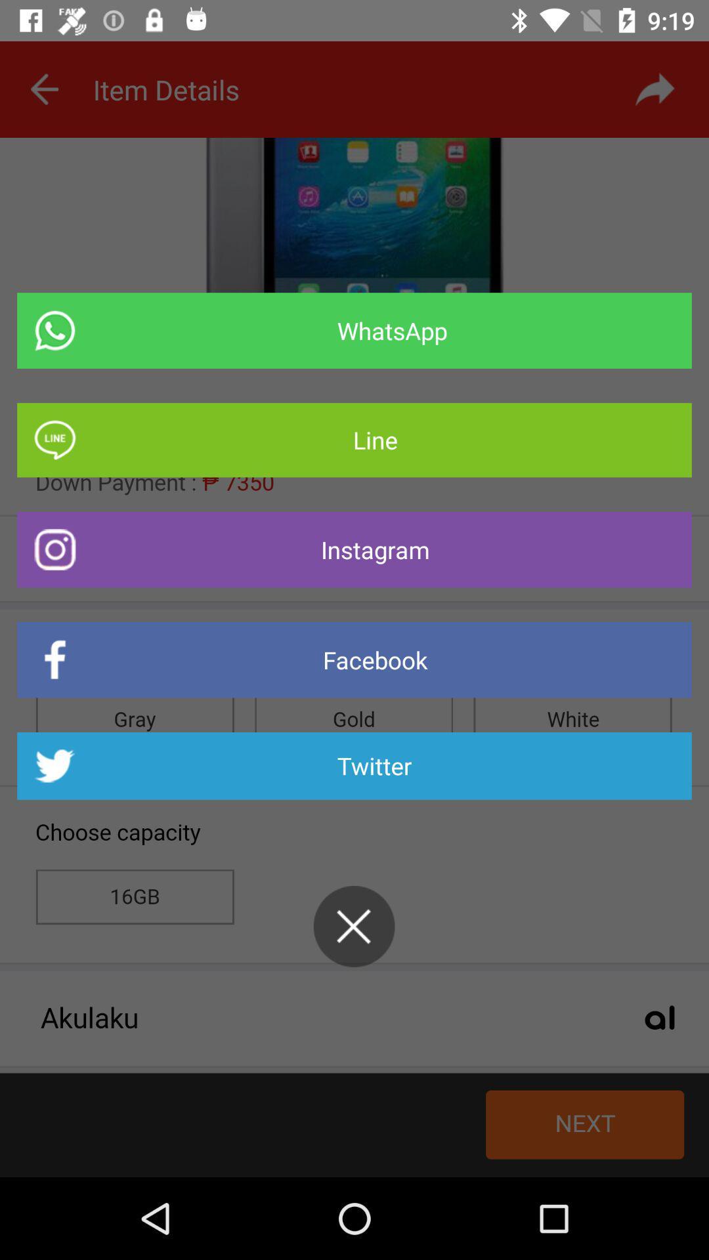  I want to click on the icon below the line, so click(354, 549).